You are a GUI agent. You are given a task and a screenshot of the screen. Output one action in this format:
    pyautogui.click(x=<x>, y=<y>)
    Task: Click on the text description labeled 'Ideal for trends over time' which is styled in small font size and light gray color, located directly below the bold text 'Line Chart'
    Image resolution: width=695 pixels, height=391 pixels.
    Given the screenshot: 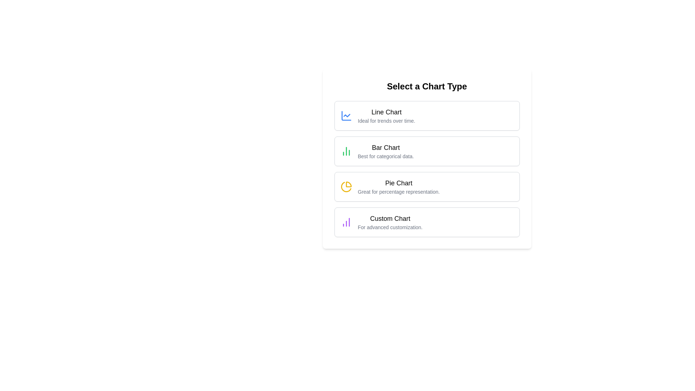 What is the action you would take?
    pyautogui.click(x=386, y=121)
    